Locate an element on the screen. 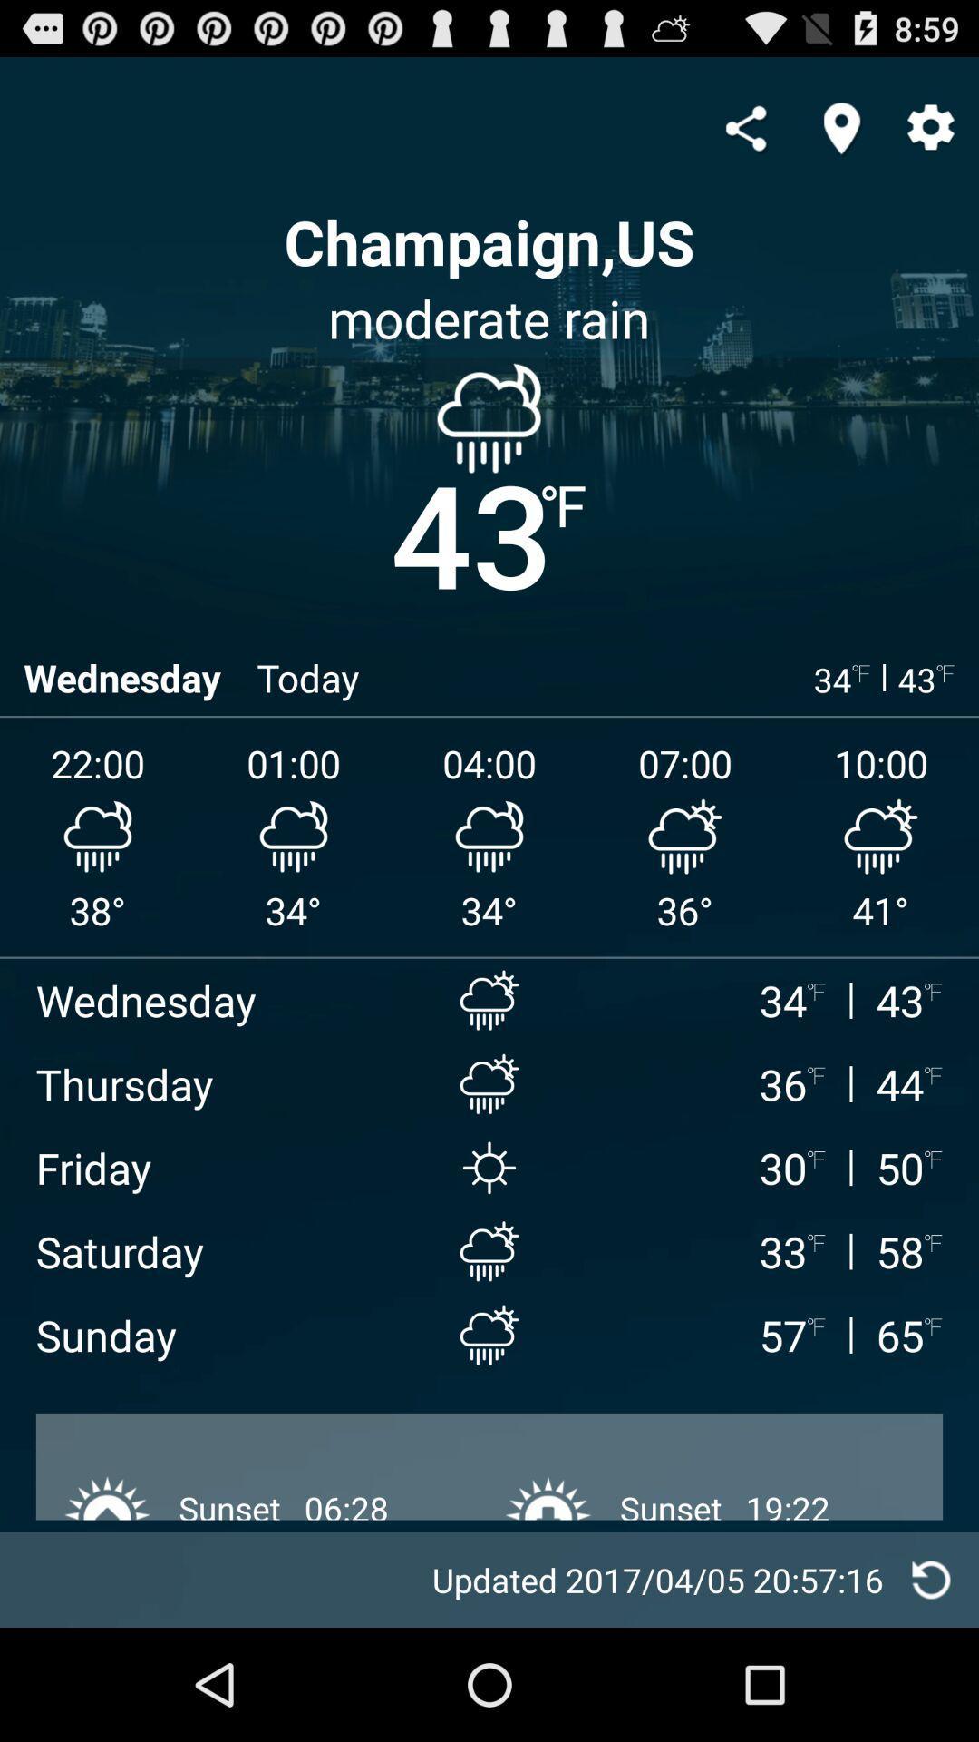  refresh weather information is located at coordinates (931, 1579).